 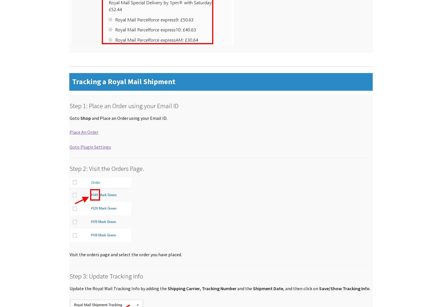 I want to click on 'Step 3: Update Tracking Info', so click(x=106, y=276).